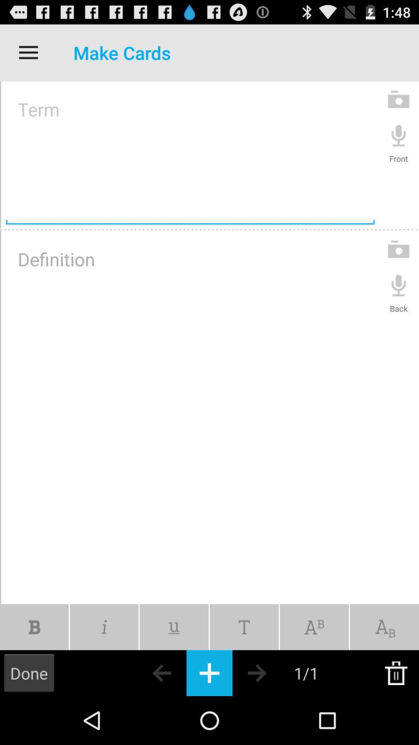 The image size is (419, 745). What do you see at coordinates (173, 627) in the screenshot?
I see `taggle autoplay option` at bounding box center [173, 627].